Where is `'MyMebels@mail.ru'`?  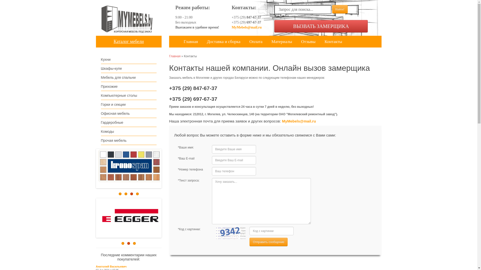 'MyMebels@mail.ru' is located at coordinates (299, 121).